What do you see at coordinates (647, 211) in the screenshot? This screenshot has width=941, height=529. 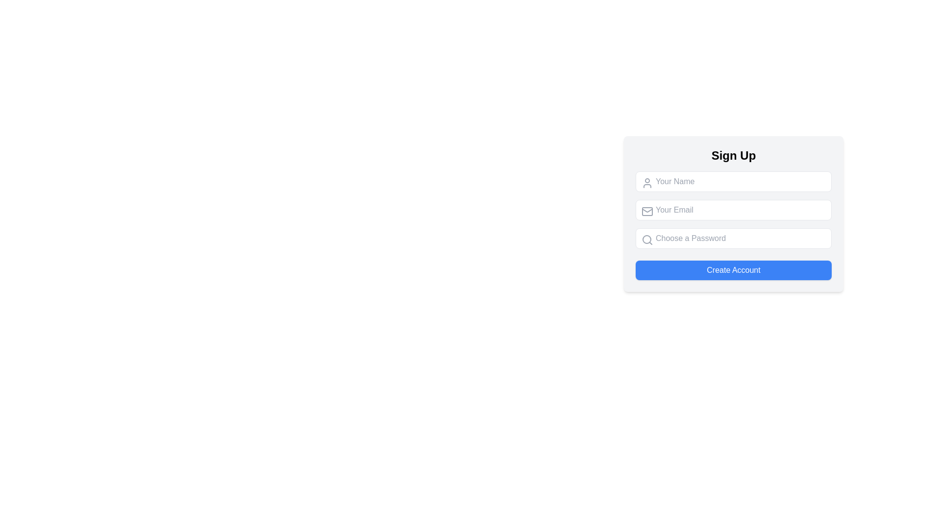 I see `the email icon represented as an envelope, which is located to the left of the placeholder text 'Your Email' in the email input field` at bounding box center [647, 211].